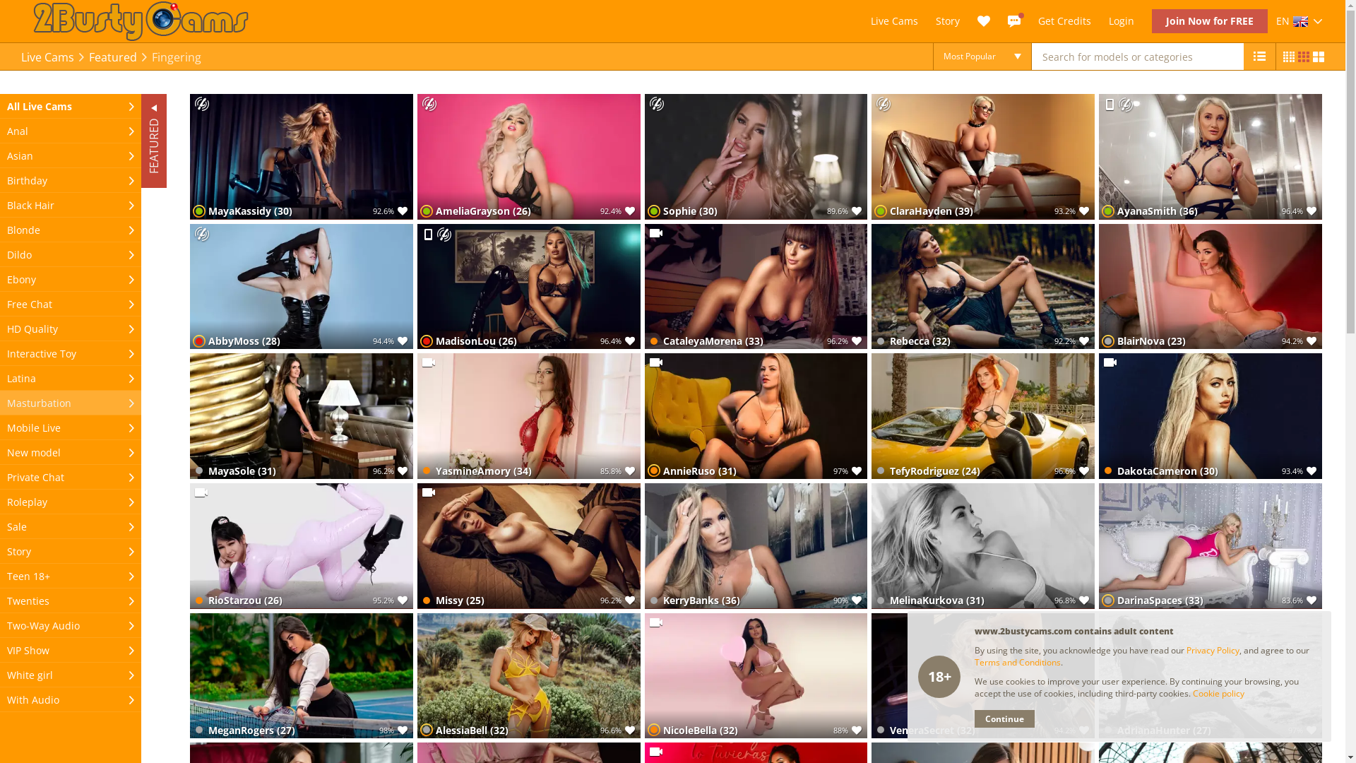 Image resolution: width=1356 pixels, height=763 pixels. Describe the element at coordinates (982, 675) in the screenshot. I see `'VeneraSecret (32)` at that location.